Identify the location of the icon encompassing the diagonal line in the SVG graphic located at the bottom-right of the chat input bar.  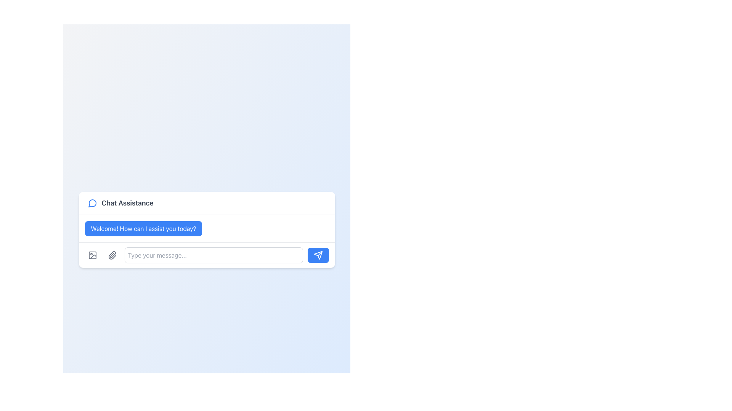
(319, 253).